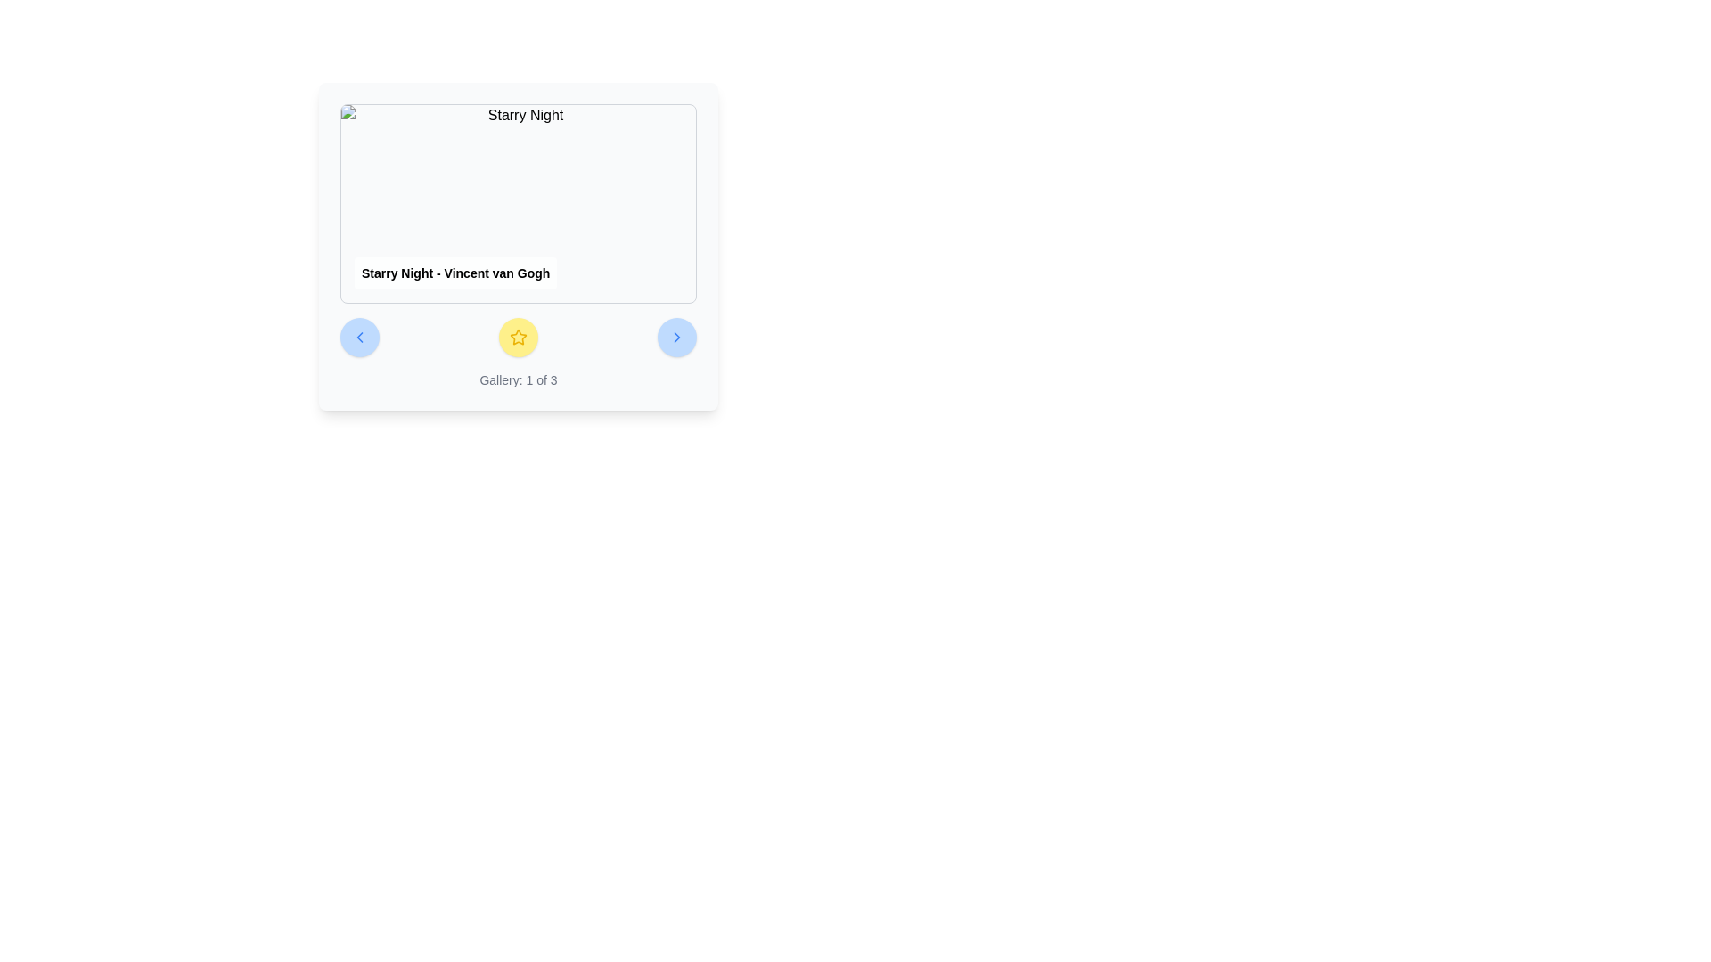 Image resolution: width=1711 pixels, height=962 pixels. Describe the element at coordinates (358, 337) in the screenshot. I see `the left-facing chevron arrow icon located within the left navigation button` at that location.